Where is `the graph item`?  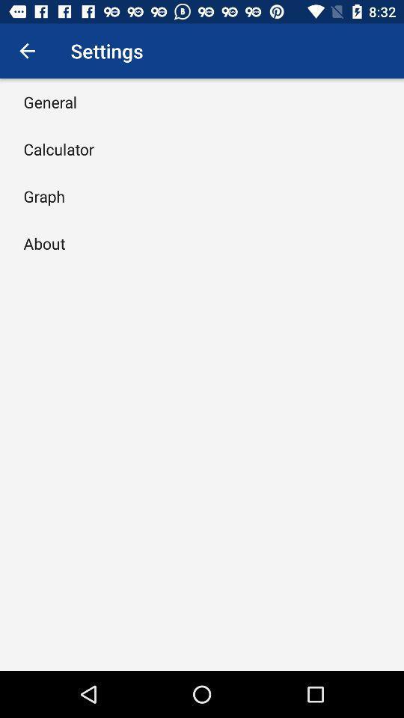
the graph item is located at coordinates (44, 195).